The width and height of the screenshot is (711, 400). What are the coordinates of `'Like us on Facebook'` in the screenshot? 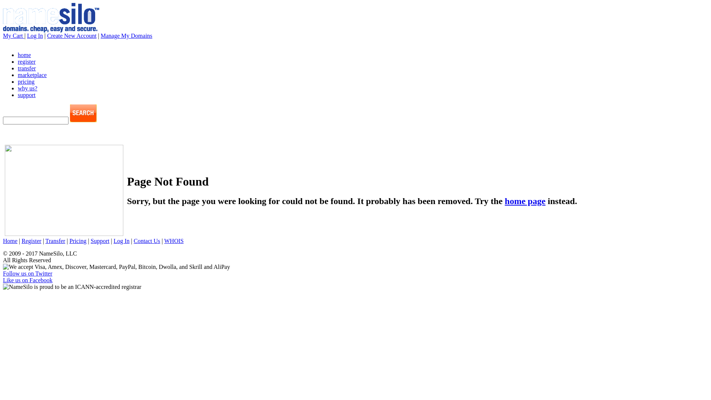 It's located at (28, 280).